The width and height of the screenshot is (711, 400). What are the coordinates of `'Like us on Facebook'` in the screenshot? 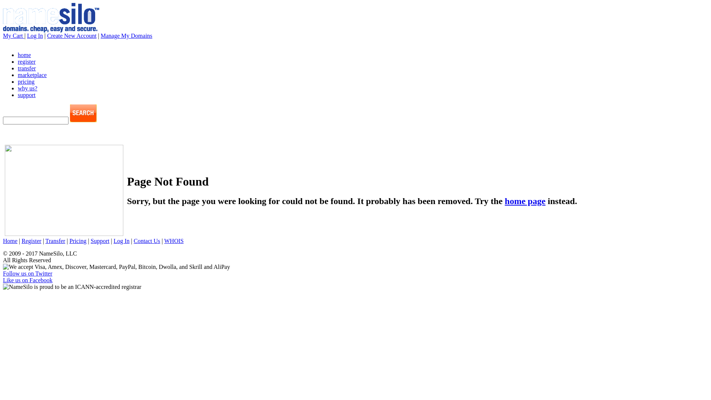 It's located at (28, 280).